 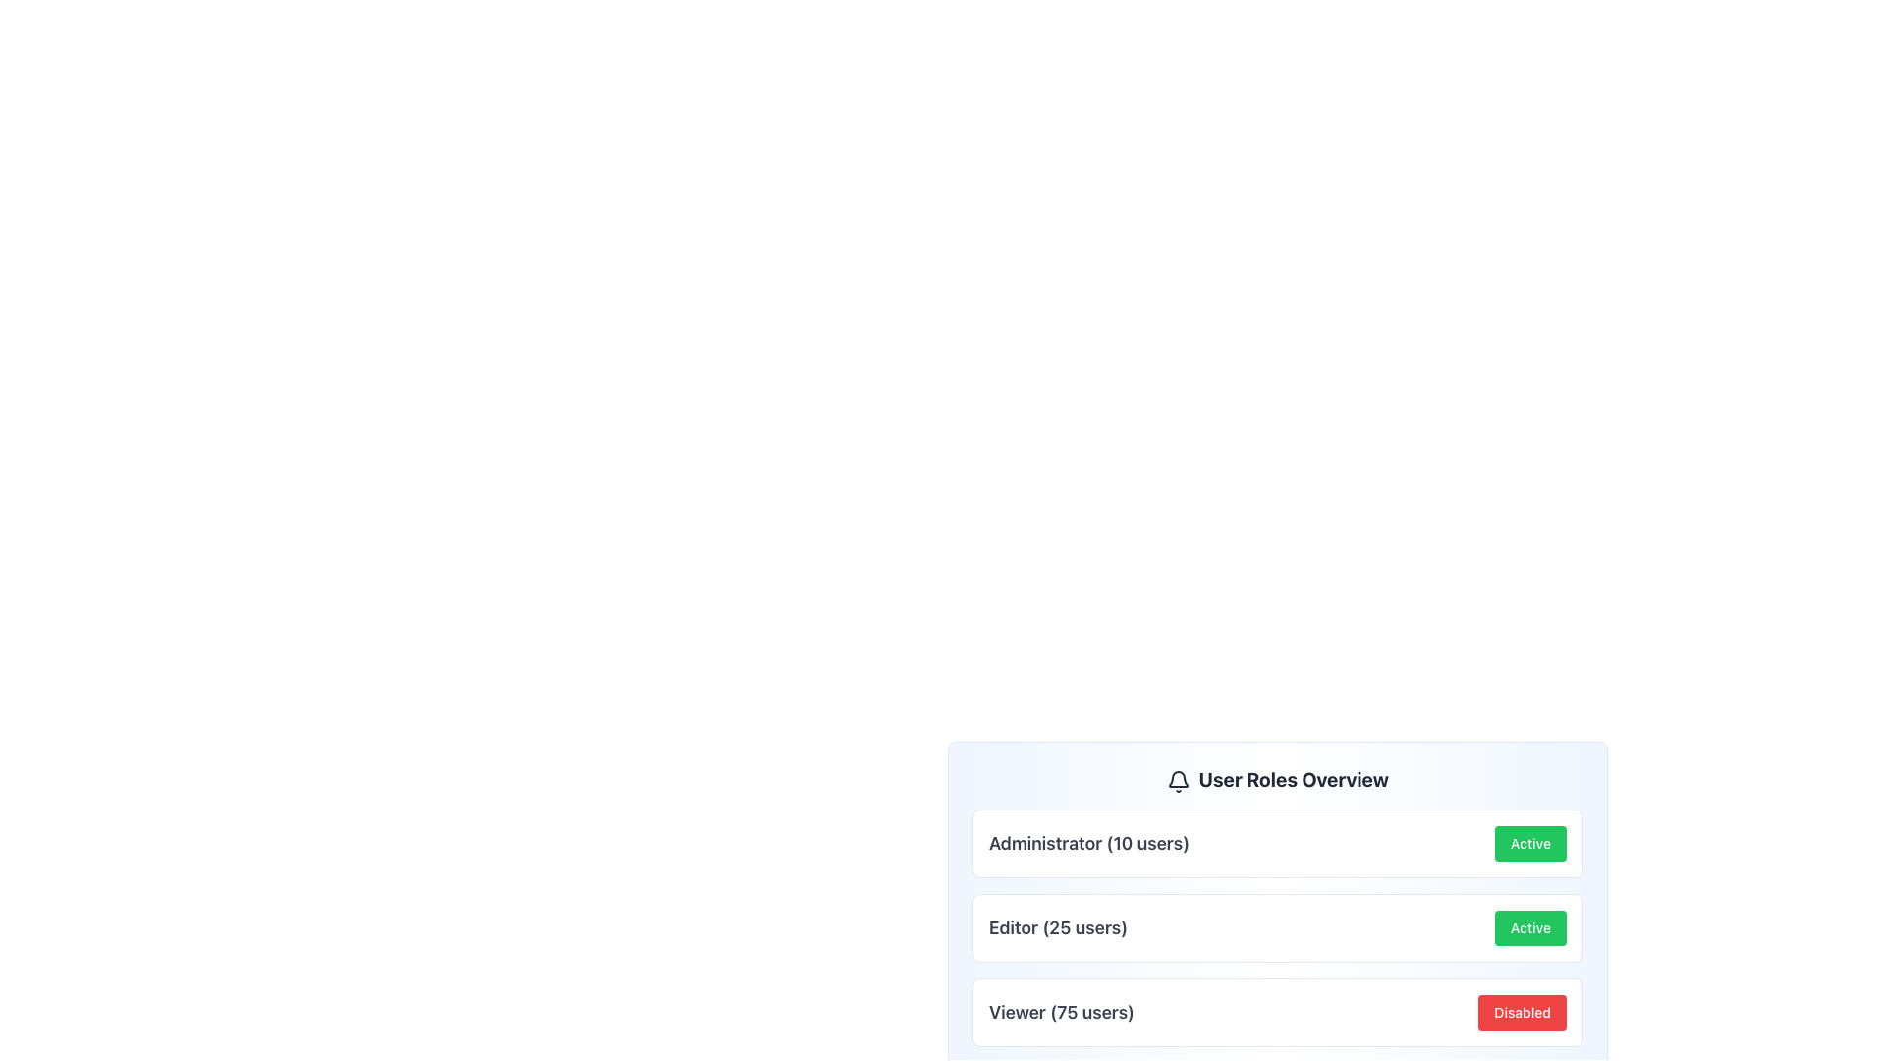 I want to click on the static label indicating the disabled status associated with the 'Viewer' role, which is positioned to the far right of 'Viewer (75 users)' text content, so click(x=1522, y=1012).